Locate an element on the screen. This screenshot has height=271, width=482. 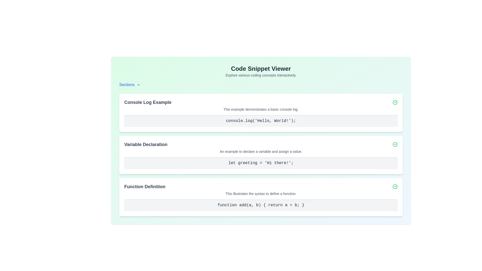
the success icon located to the far right of the row displaying the text 'Console Log Example' is located at coordinates (395, 102).